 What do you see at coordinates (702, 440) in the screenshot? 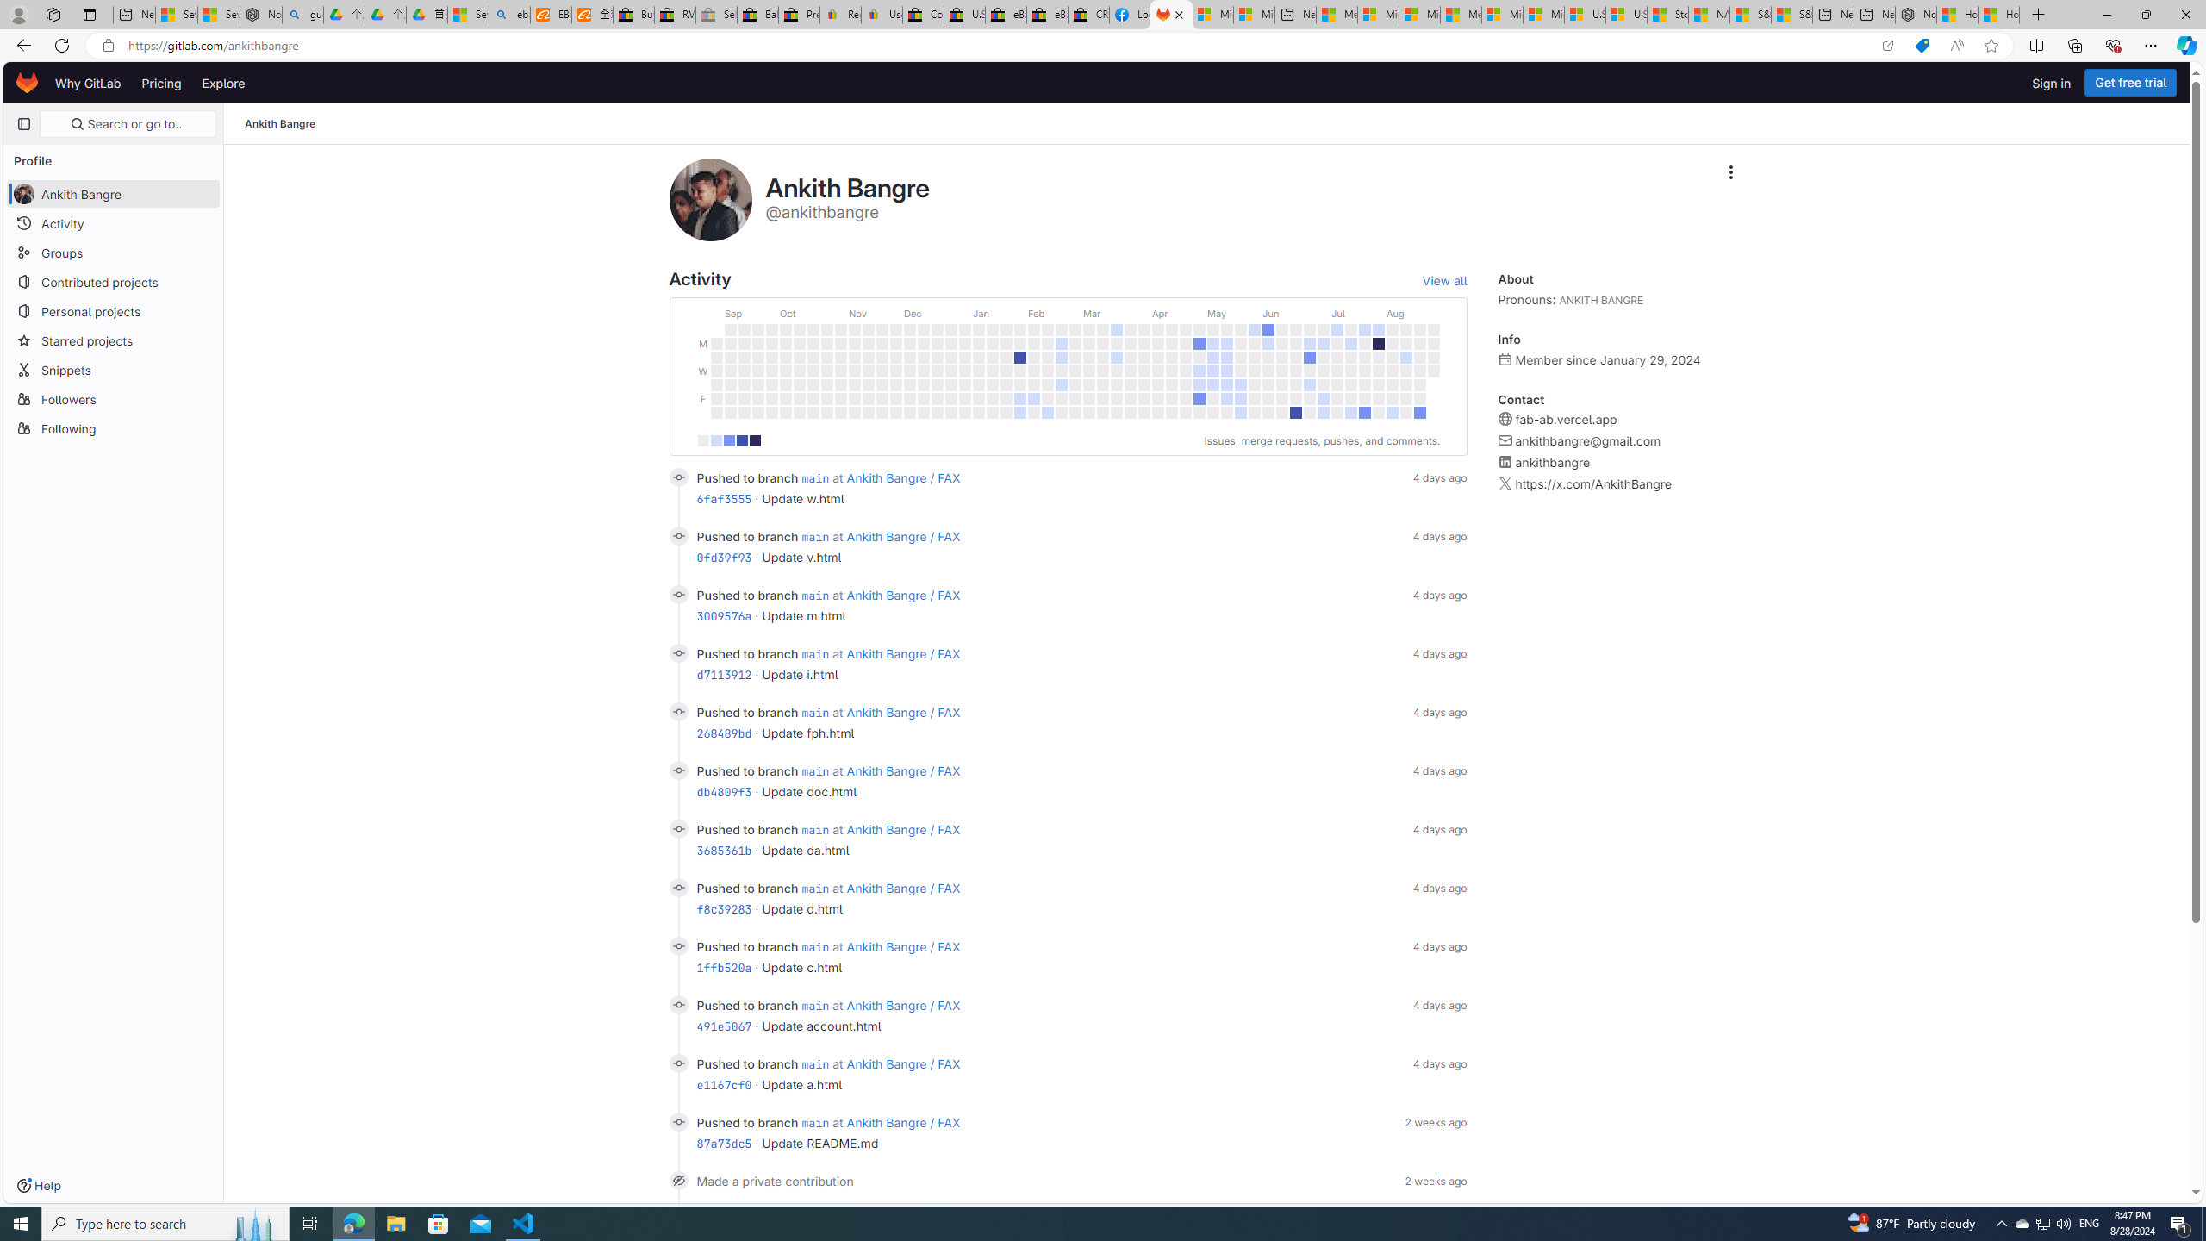
I see `'No contributions'` at bounding box center [702, 440].